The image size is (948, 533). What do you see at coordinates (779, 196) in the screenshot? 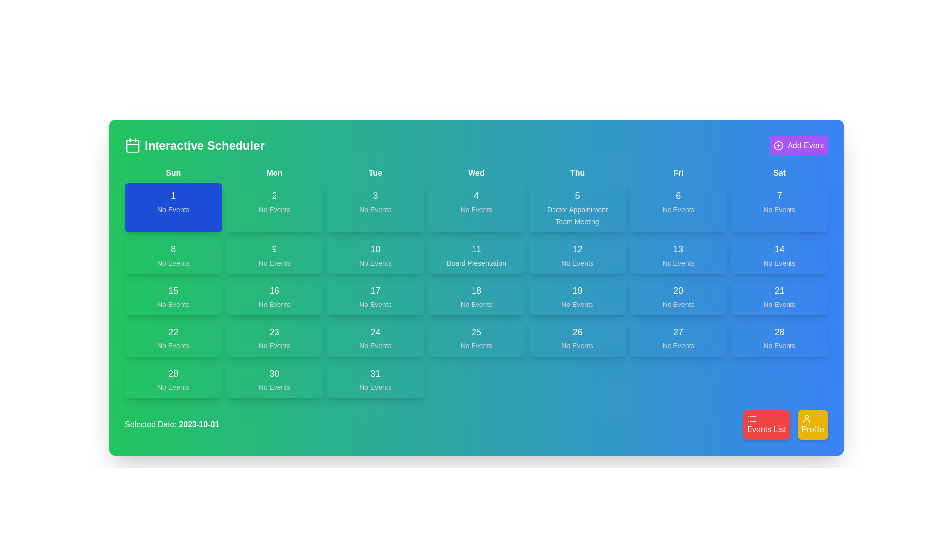
I see `text of the label indicating the day '7' in the calendar layout, located under the 'Sat' column and within the blue rectangular box` at bounding box center [779, 196].